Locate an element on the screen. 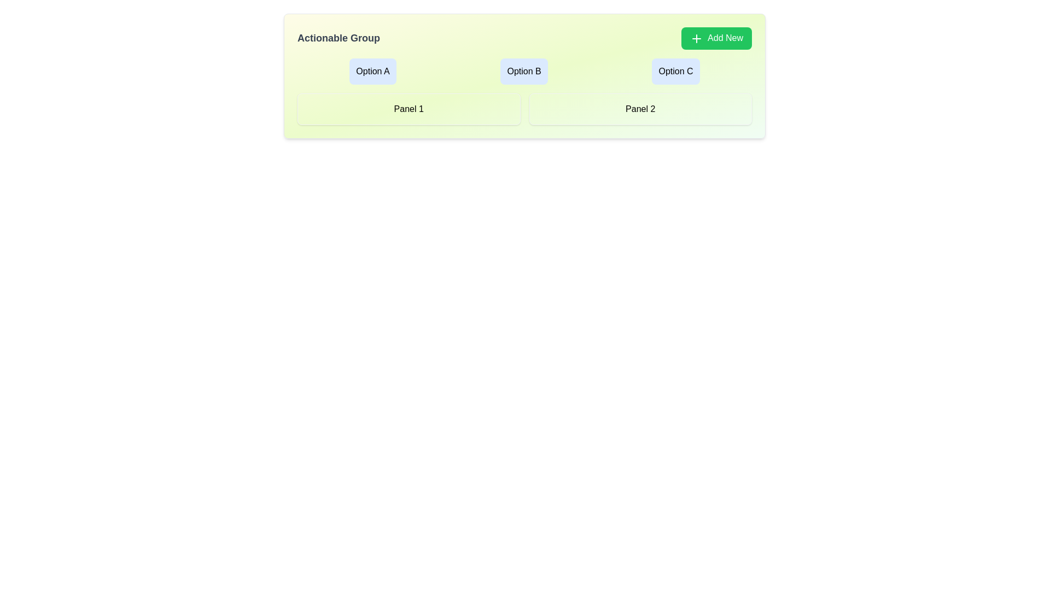 The width and height of the screenshot is (1050, 590). the Decorative Icon, which is a small plus symbol centered on the left side of the 'Add New' button with rounded edges is located at coordinates (696, 38).